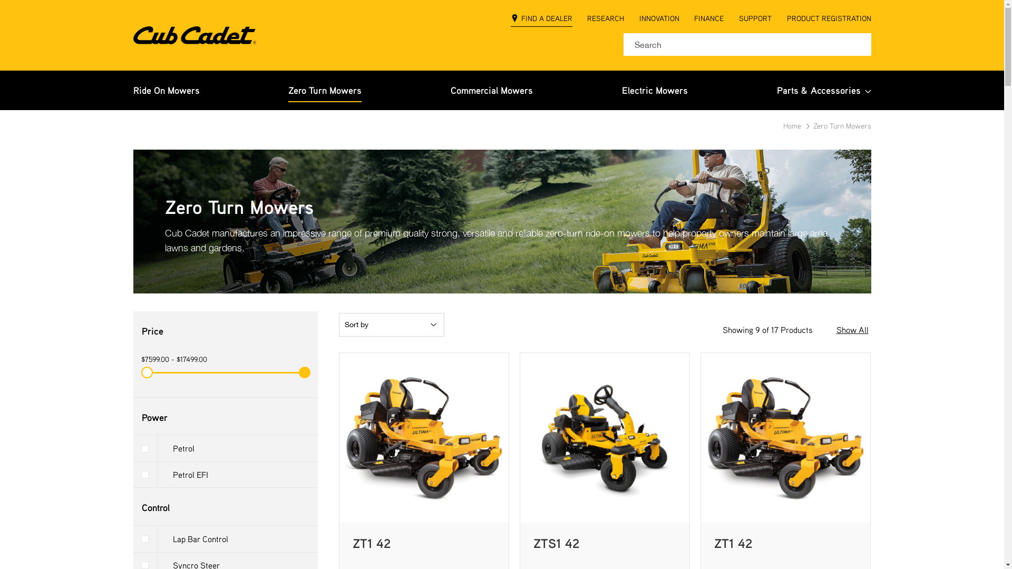 This screenshot has height=569, width=1012. I want to click on 'SUPPORT', so click(755, 19).